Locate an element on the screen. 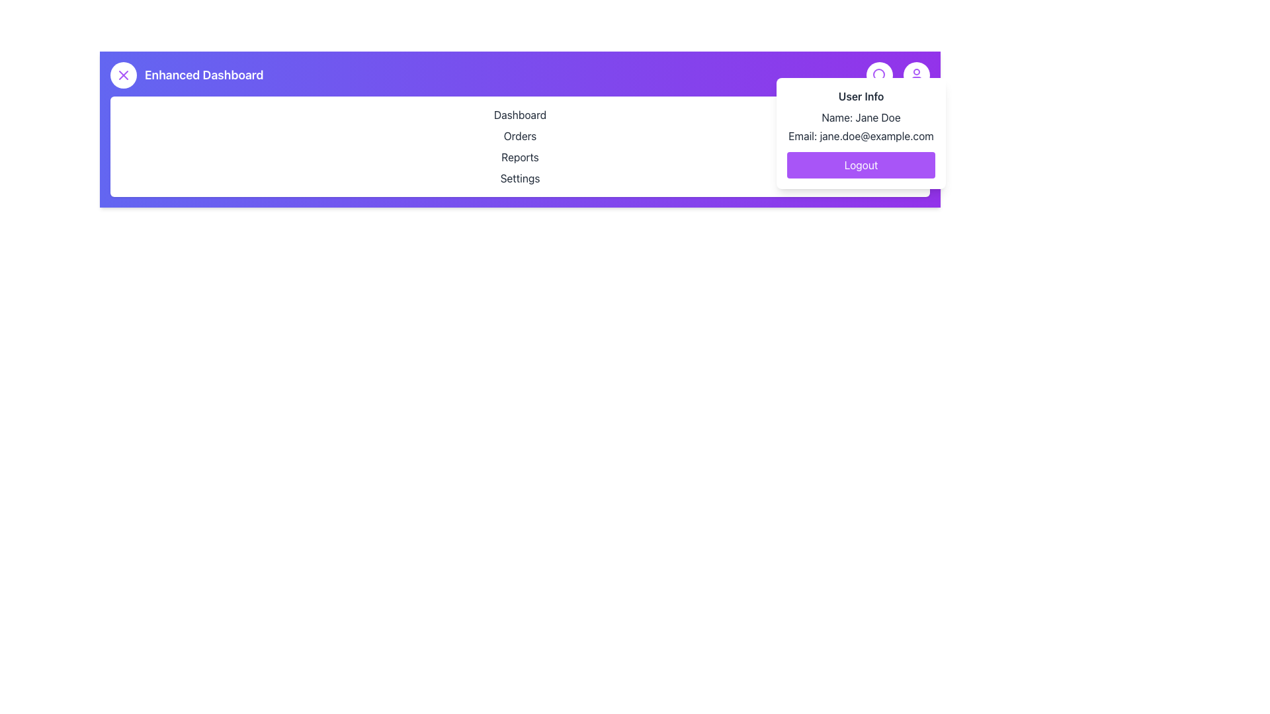 The image size is (1270, 714). the diagonal cross icon in the top right corner of the interface is located at coordinates (124, 75).